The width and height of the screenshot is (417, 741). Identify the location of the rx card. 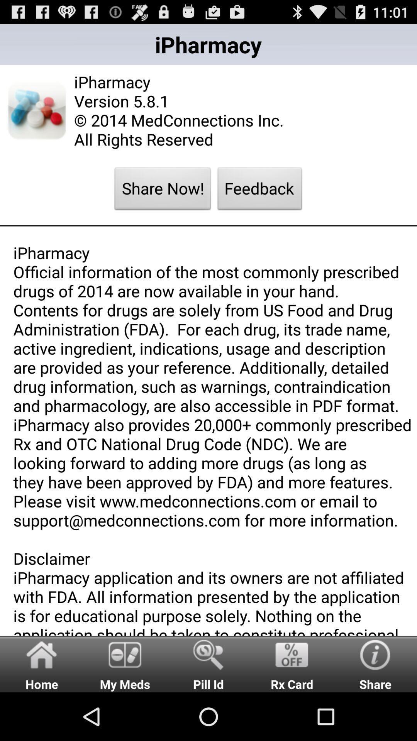
(292, 663).